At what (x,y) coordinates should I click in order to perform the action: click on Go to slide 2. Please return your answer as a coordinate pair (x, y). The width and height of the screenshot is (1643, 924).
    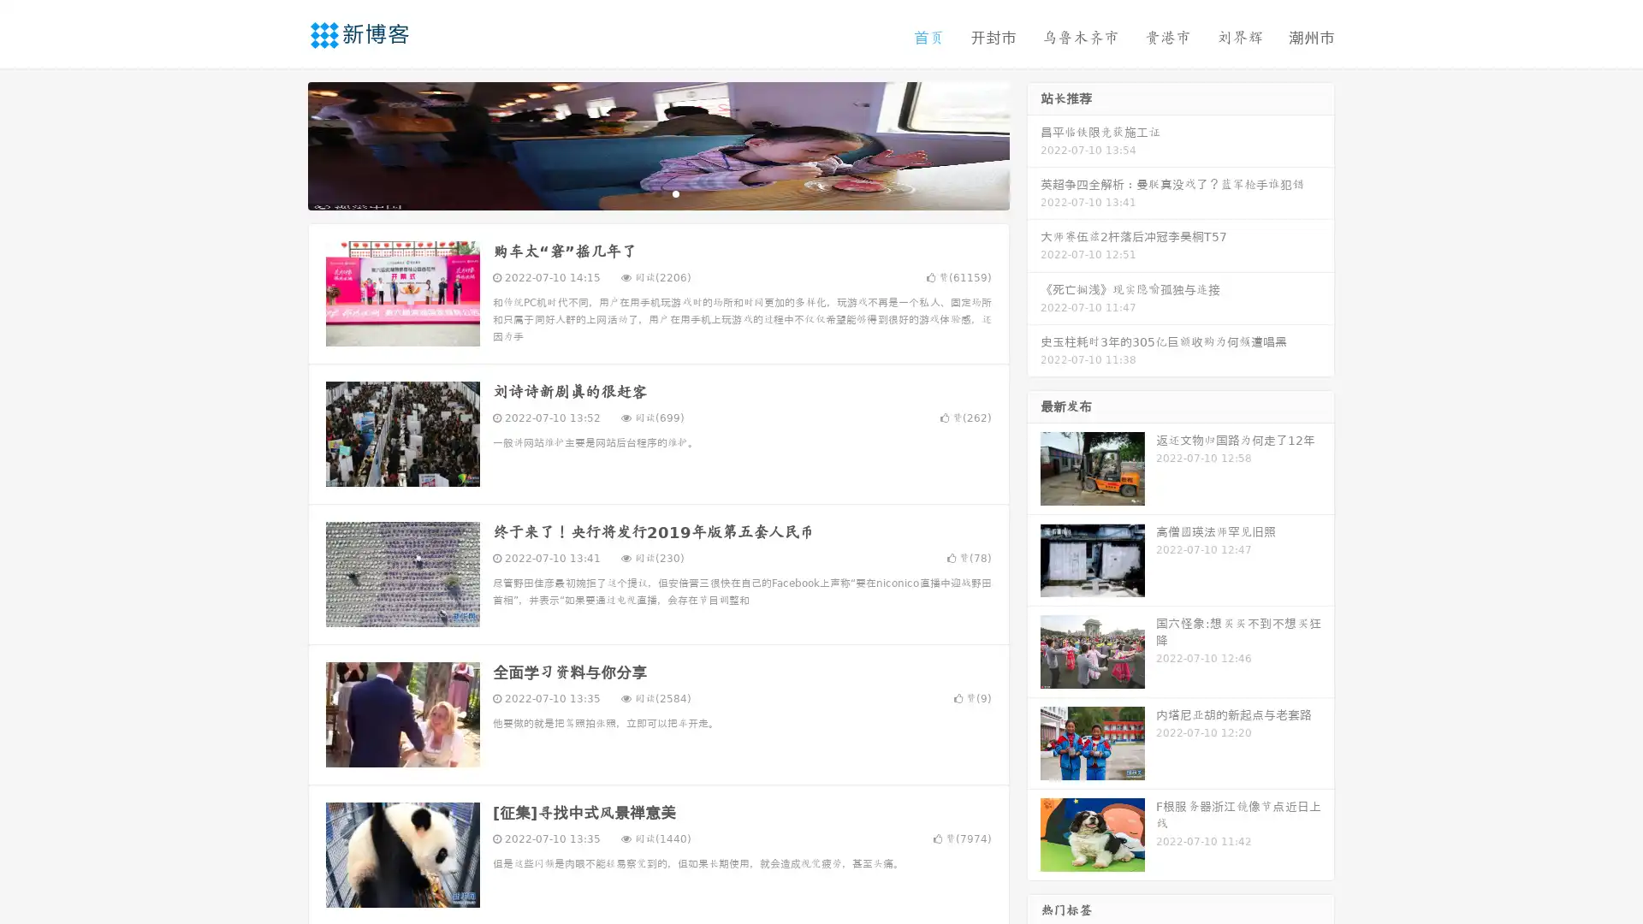
    Looking at the image, I should click on (657, 192).